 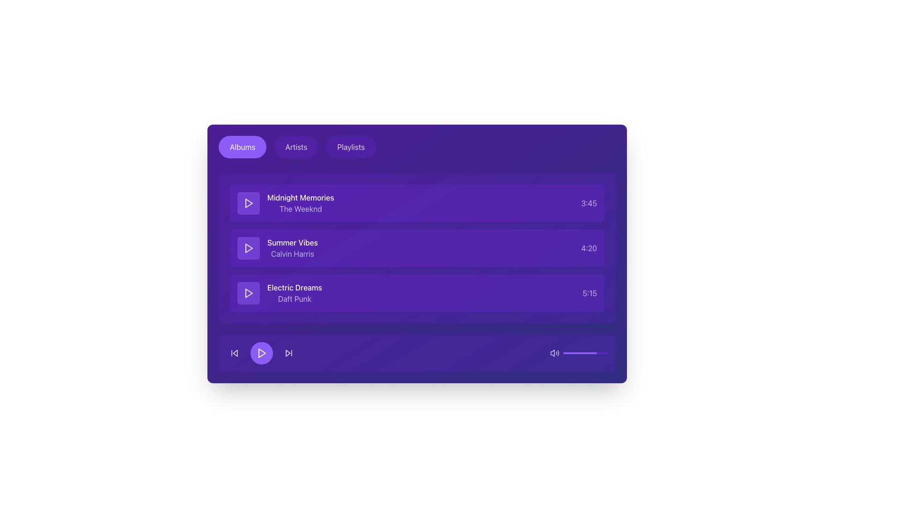 What do you see at coordinates (417, 292) in the screenshot?
I see `the list item for the song 'Electric Dreams' by Daft Punk to trigger the hover effect` at bounding box center [417, 292].